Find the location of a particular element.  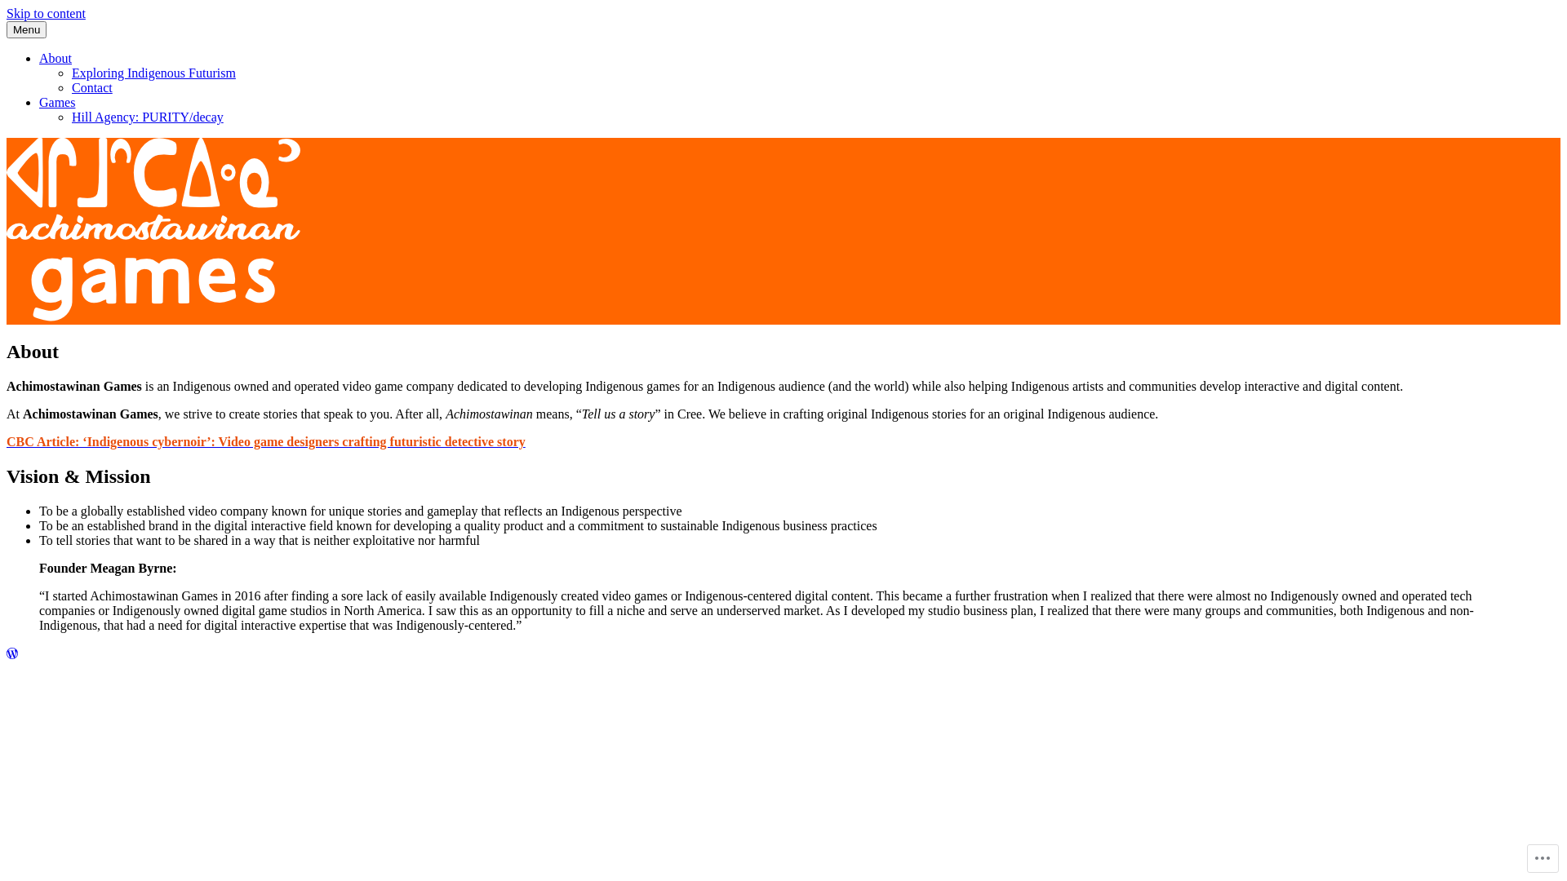

'Hill Agency: PURITY/decay' is located at coordinates (148, 116).